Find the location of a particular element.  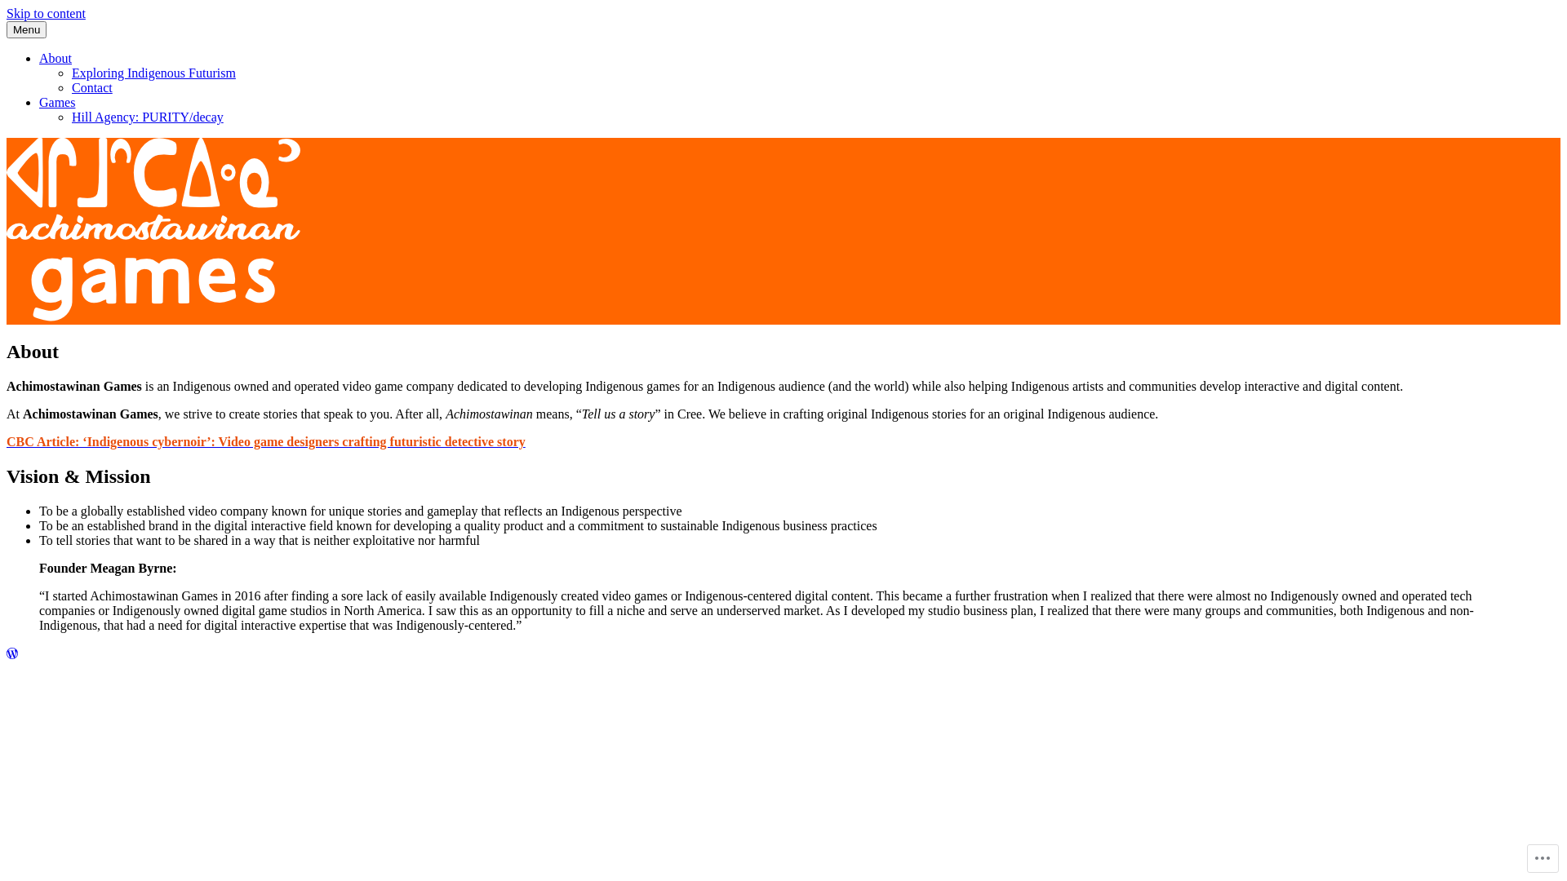

'Hill Agency: PURITY/decay' is located at coordinates (148, 116).